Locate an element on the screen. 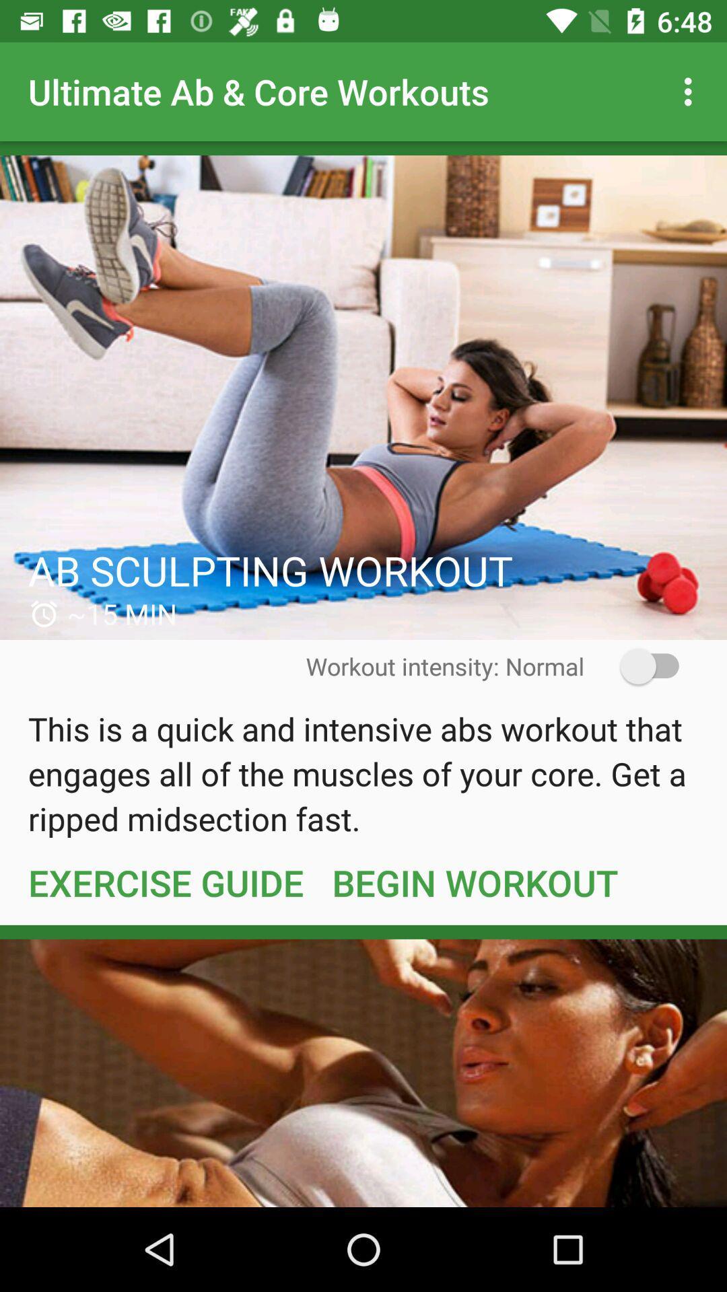  workout details is located at coordinates (363, 396).